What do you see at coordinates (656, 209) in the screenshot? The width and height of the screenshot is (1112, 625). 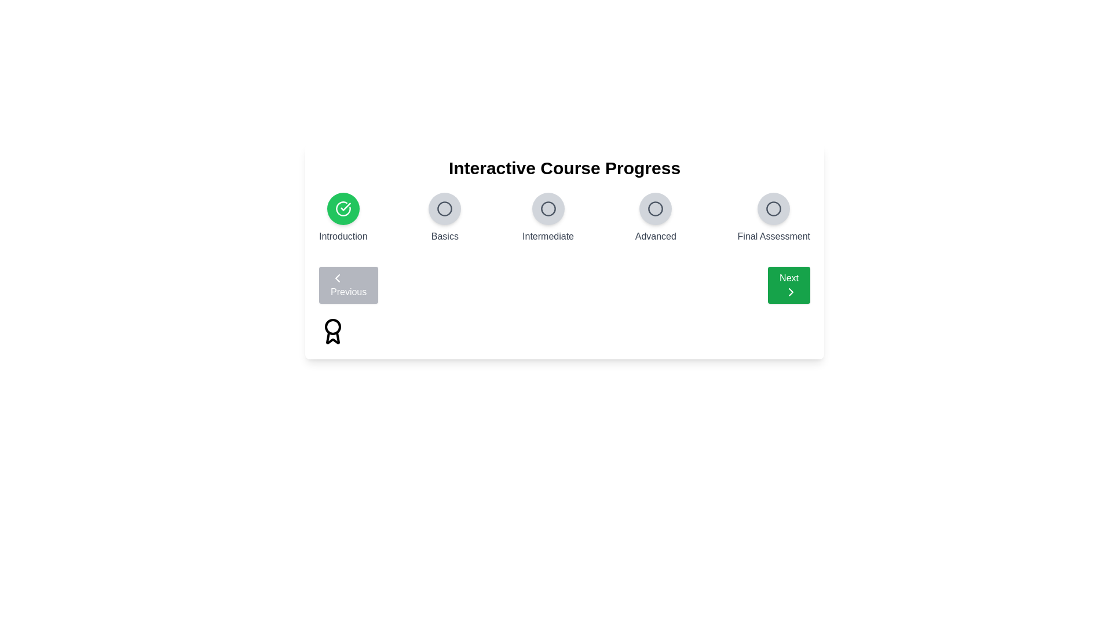 I see `the 'Advanced' stage icon in the course progress tracker, which is the fourth circular icon under the 'Interactive Course Progress' heading` at bounding box center [656, 209].